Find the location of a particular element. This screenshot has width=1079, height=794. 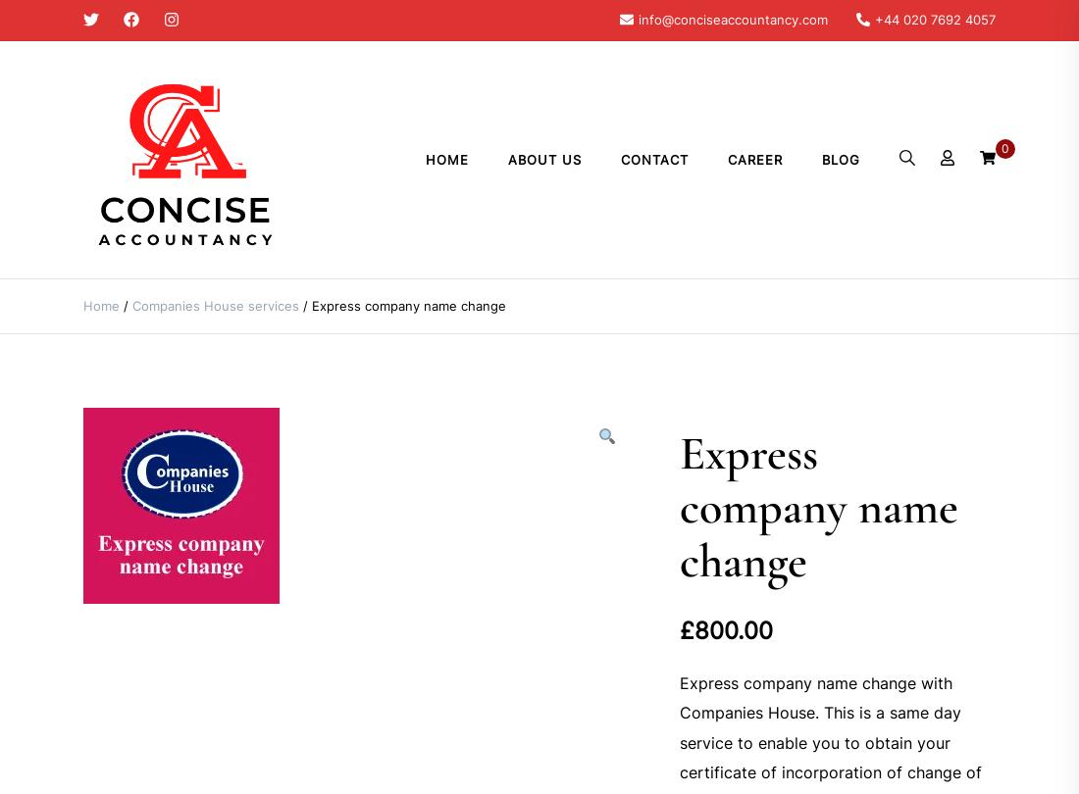

'Concise Accountancy' is located at coordinates (83, 297).